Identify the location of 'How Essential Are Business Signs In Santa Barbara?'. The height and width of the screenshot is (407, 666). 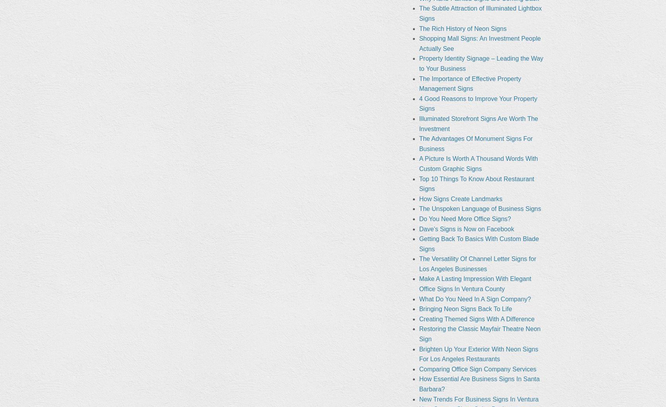
(418, 384).